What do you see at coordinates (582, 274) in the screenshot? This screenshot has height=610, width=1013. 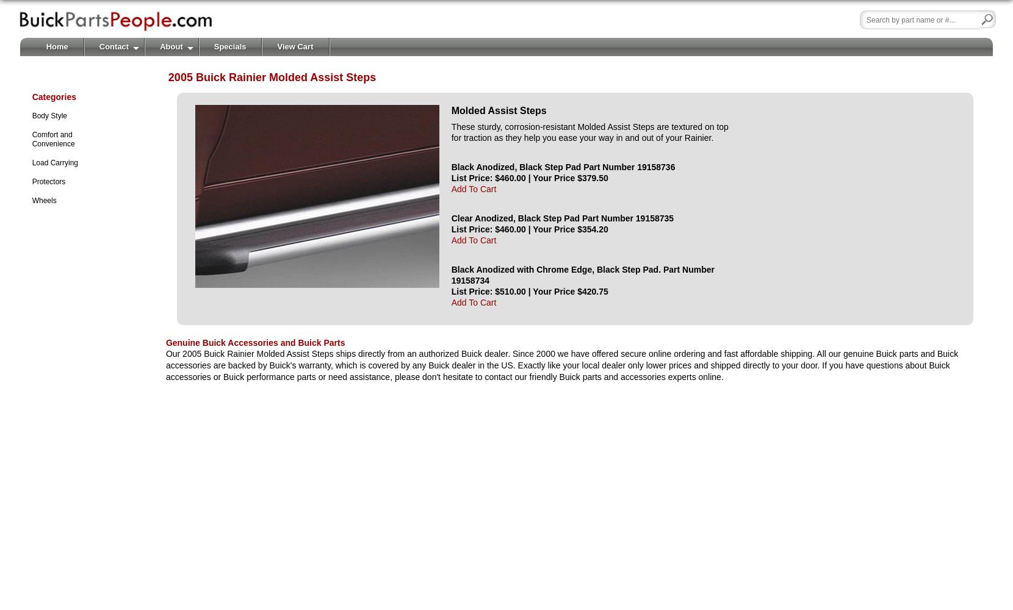 I see `'Black Anodized with Chrome Edge, Black Step Pad. Part Number 19158734'` at bounding box center [582, 274].